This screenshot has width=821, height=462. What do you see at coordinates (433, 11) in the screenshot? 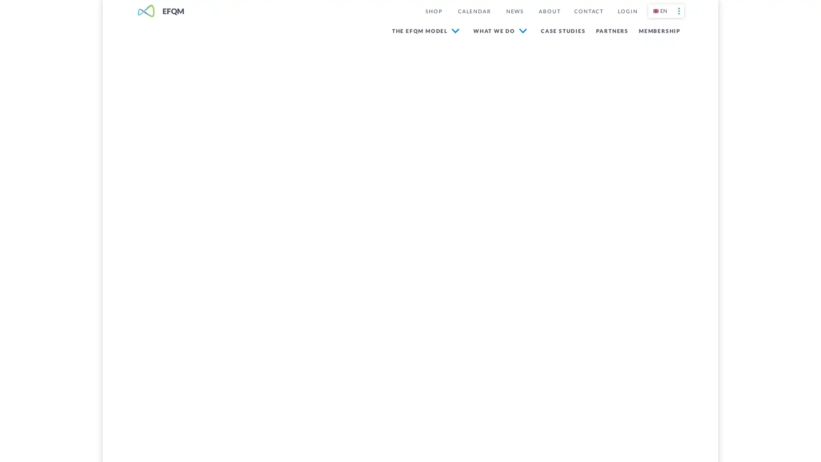
I see `SHOP` at bounding box center [433, 11].